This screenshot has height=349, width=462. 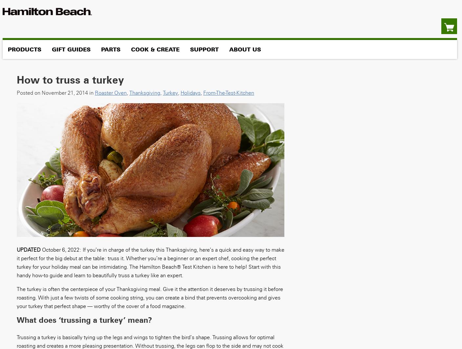 What do you see at coordinates (71, 49) in the screenshot?
I see `'Gift Guides'` at bounding box center [71, 49].